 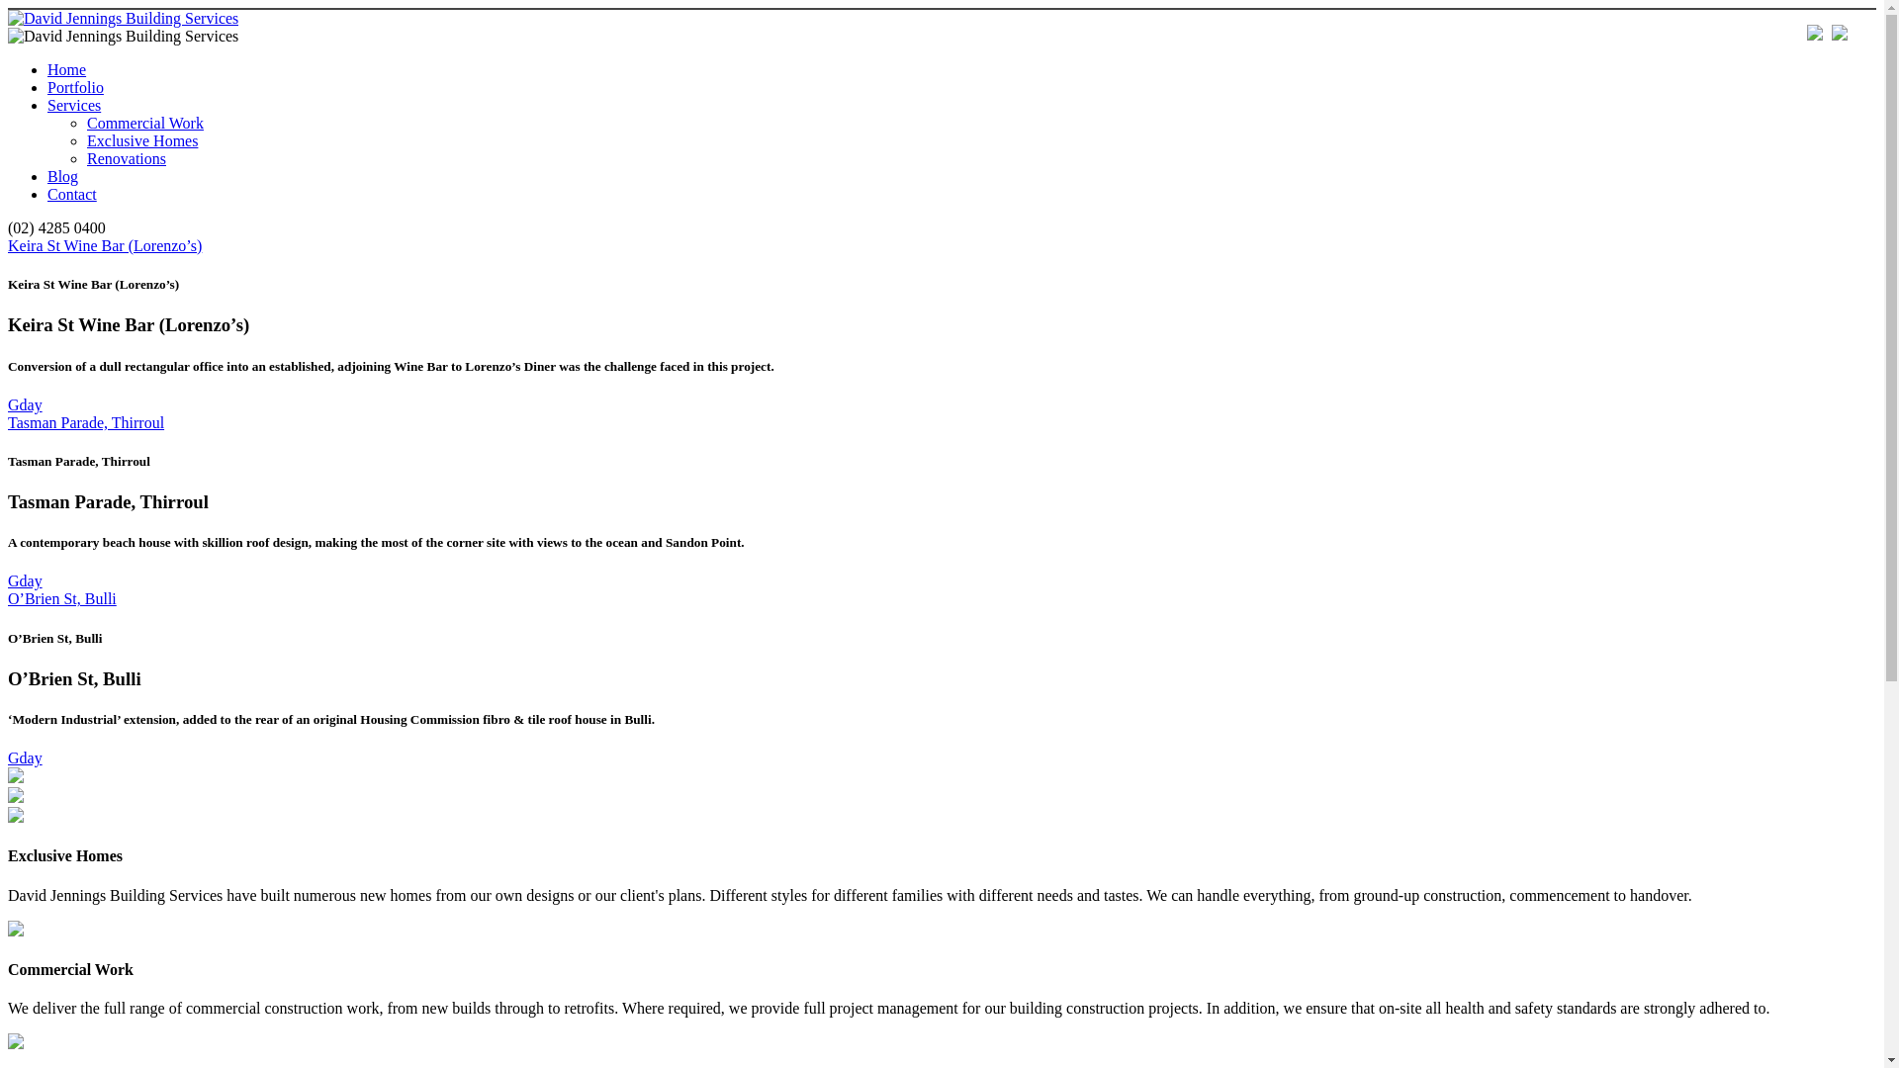 What do you see at coordinates (66, 68) in the screenshot?
I see `'Home'` at bounding box center [66, 68].